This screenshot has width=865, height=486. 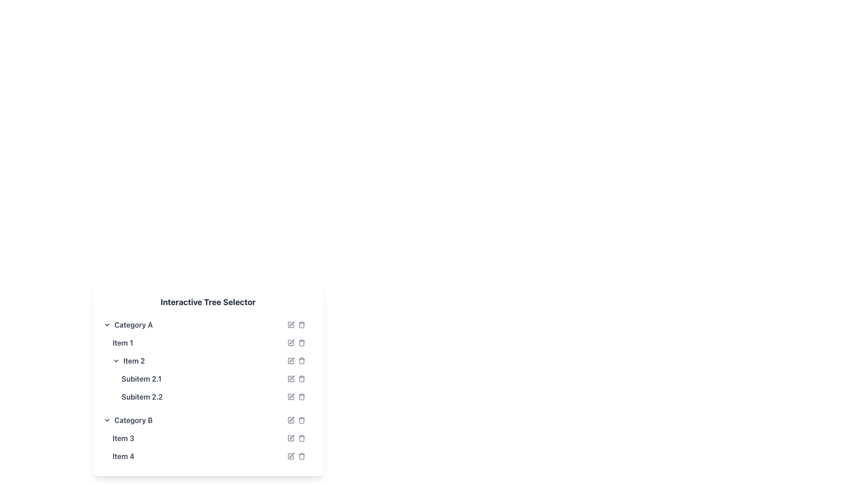 What do you see at coordinates (291, 343) in the screenshot?
I see `the icon adjacent to 'Item 1' in the hierarchical tree structure` at bounding box center [291, 343].